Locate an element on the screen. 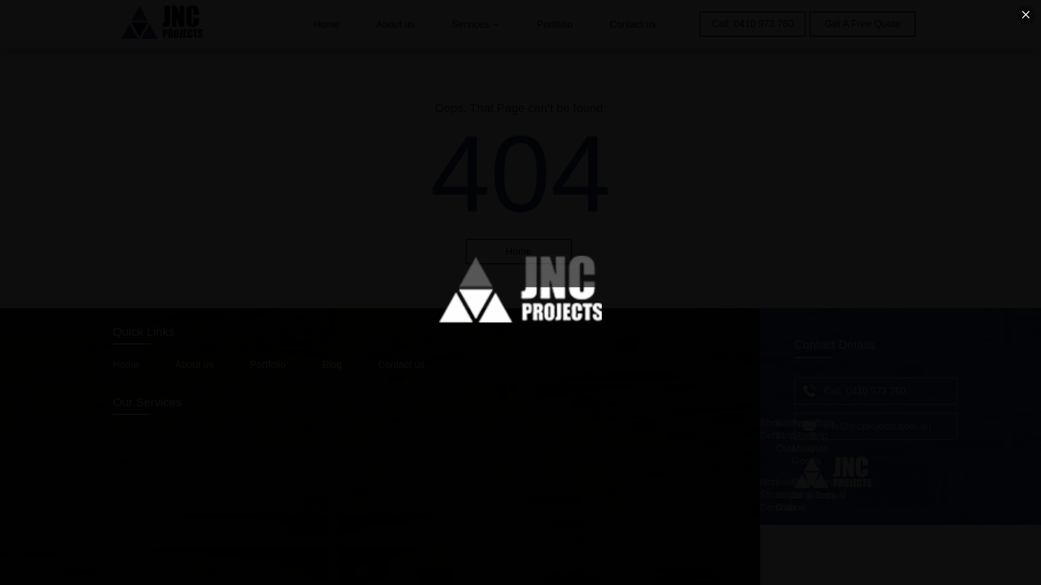 The image size is (1041, 585). 'Blog' is located at coordinates (343, 364).